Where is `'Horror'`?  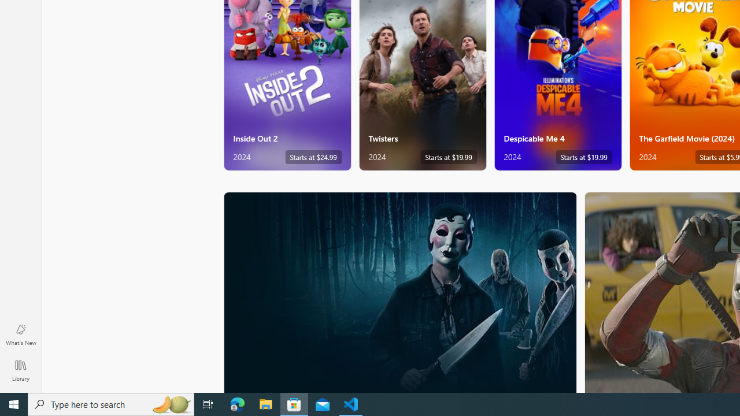 'Horror' is located at coordinates (400, 291).